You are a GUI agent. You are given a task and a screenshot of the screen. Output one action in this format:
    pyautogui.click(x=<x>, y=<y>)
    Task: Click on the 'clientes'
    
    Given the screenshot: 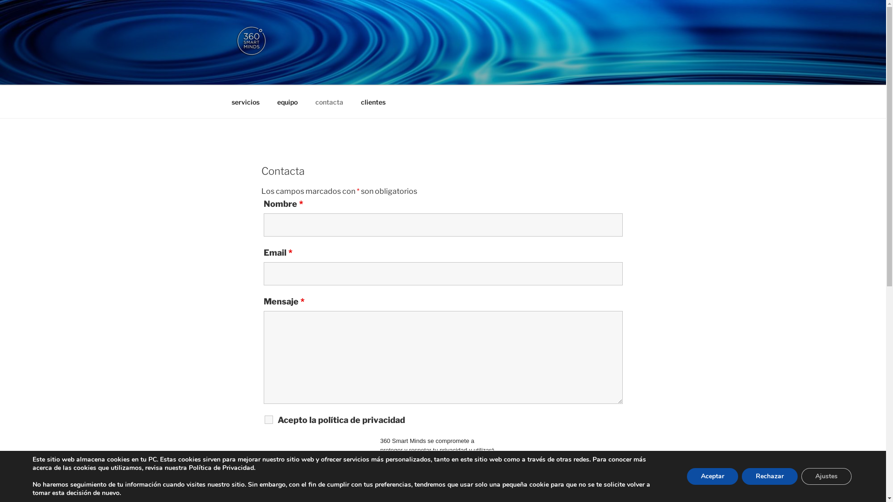 What is the action you would take?
    pyautogui.click(x=373, y=101)
    